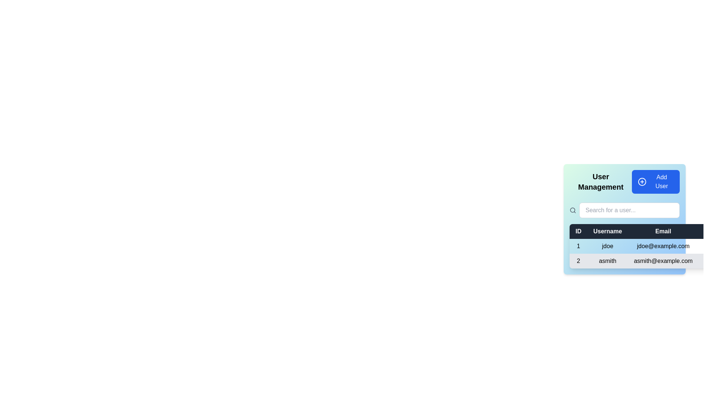  I want to click on the text input field with placeholder 'Search for a user...' to focus on it, so click(624, 213).